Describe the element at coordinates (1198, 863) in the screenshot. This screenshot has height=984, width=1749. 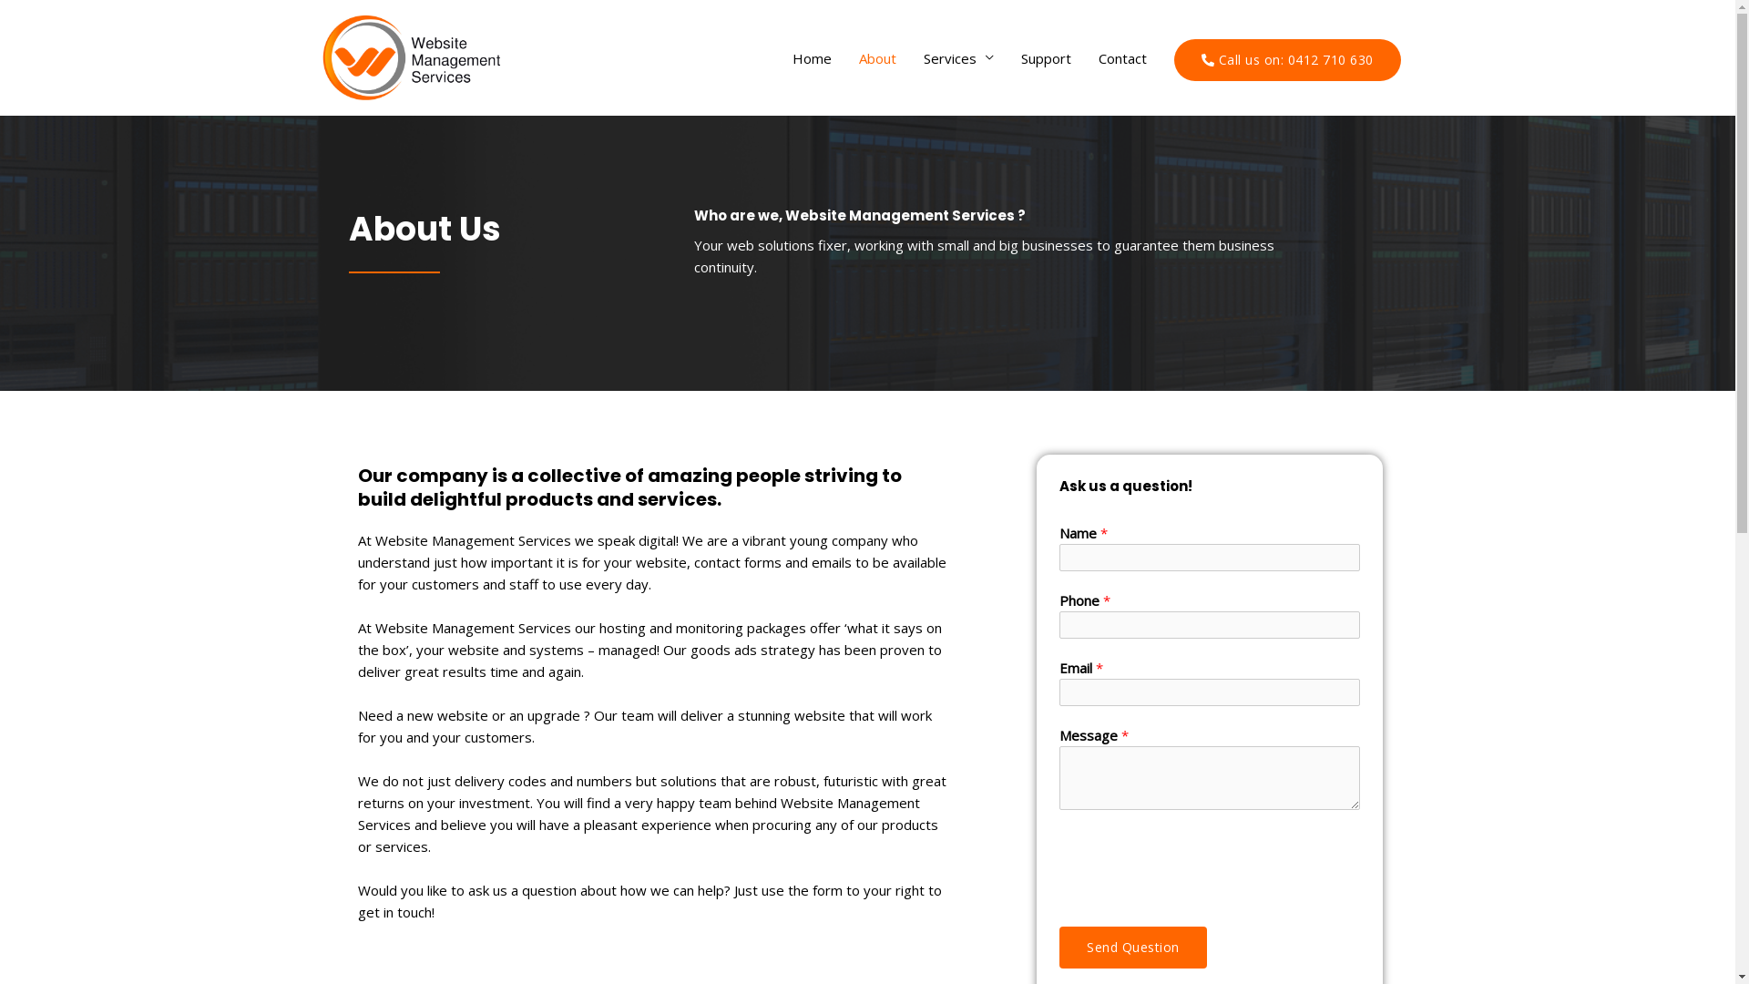
I see `'reCAPTCHA'` at that location.